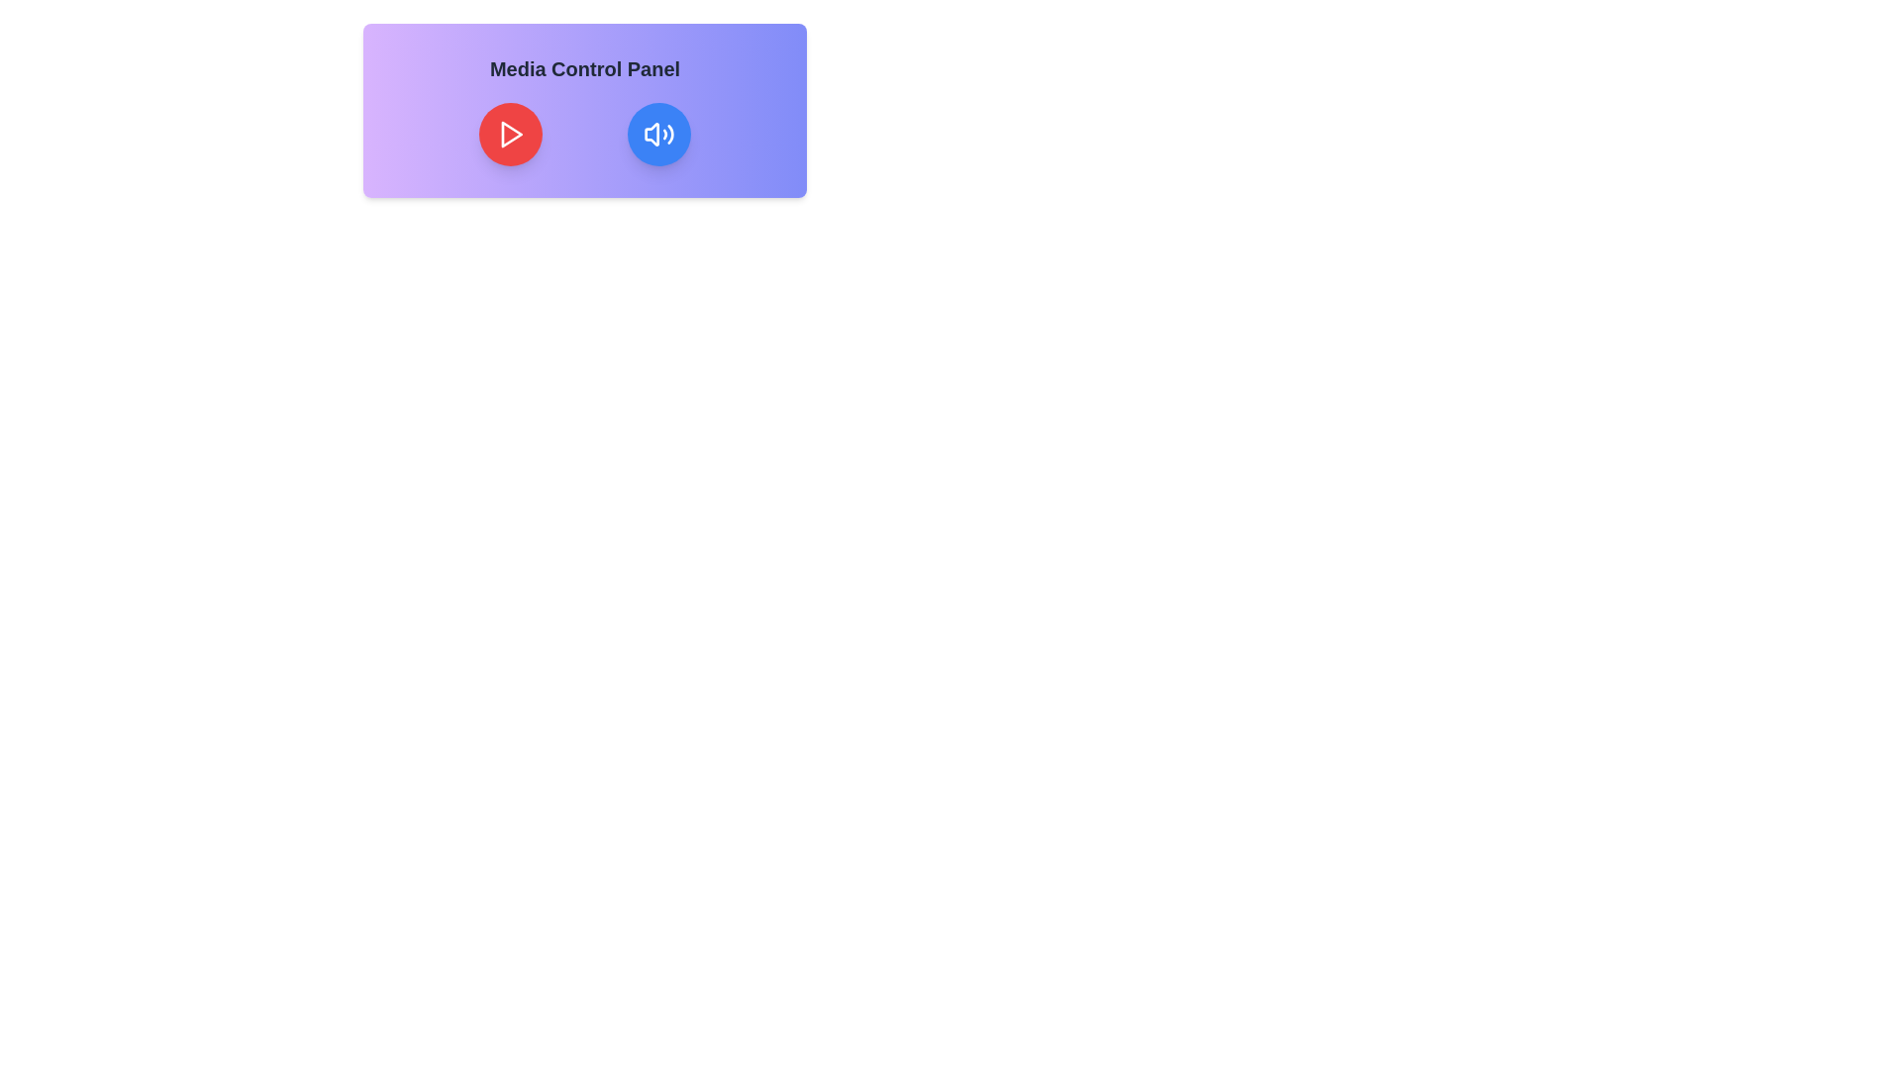 The image size is (1901, 1069). What do you see at coordinates (510, 134) in the screenshot?
I see `the play/pause button to toggle the playback state` at bounding box center [510, 134].